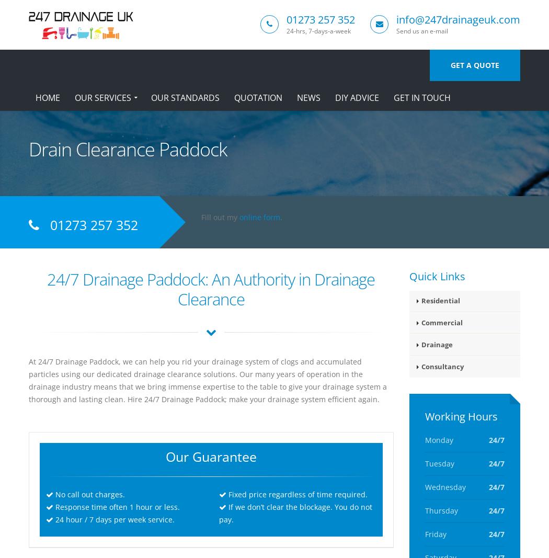 This screenshot has height=558, width=549. What do you see at coordinates (286, 30) in the screenshot?
I see `'24-hrs, 7-days-a-week'` at bounding box center [286, 30].